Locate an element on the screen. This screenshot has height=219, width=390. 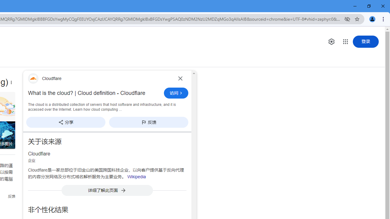
'Third-party cookies blocked' is located at coordinates (347, 19).